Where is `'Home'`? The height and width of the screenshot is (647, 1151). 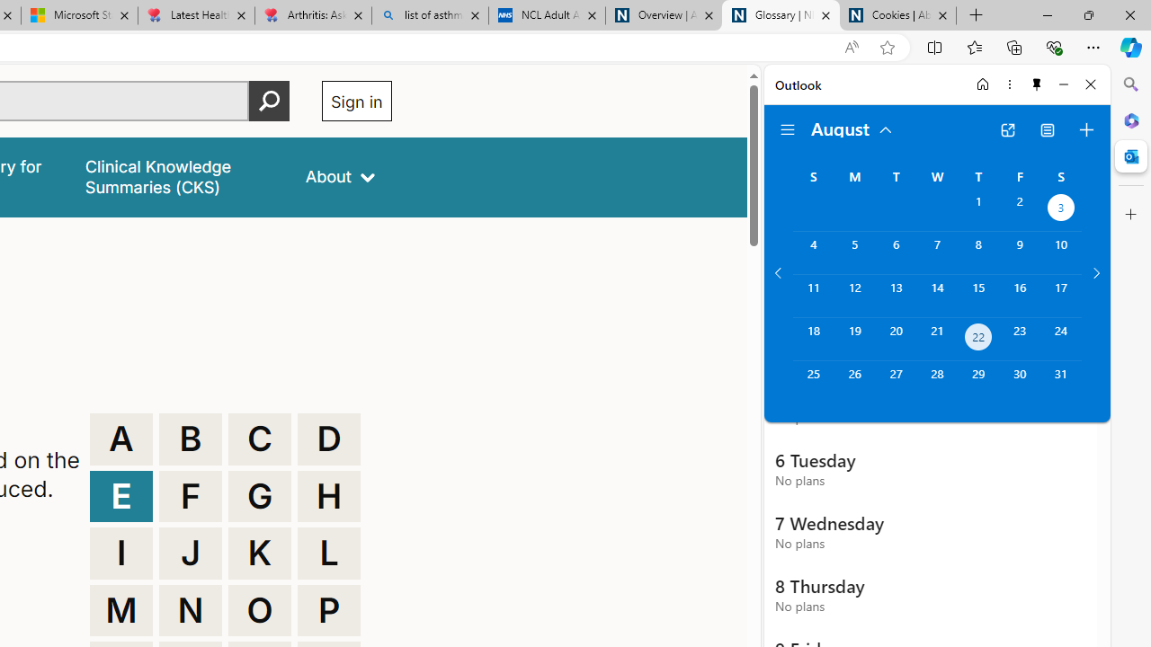 'Home' is located at coordinates (982, 84).